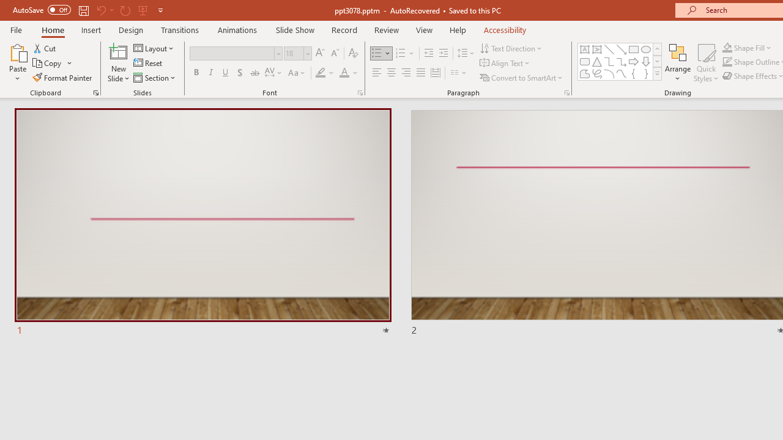 The image size is (783, 440). I want to click on 'Section', so click(155, 78).